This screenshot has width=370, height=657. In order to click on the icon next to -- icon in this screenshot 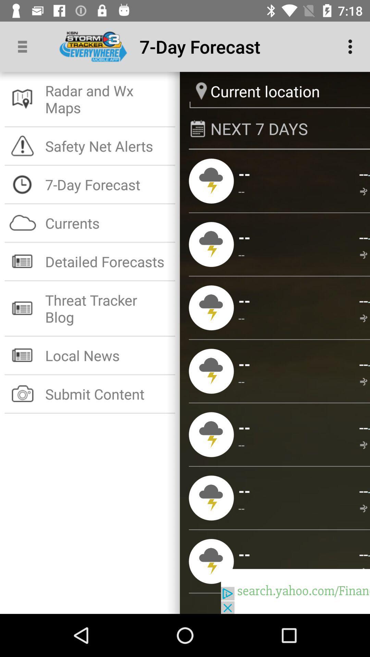, I will do `click(244, 490)`.